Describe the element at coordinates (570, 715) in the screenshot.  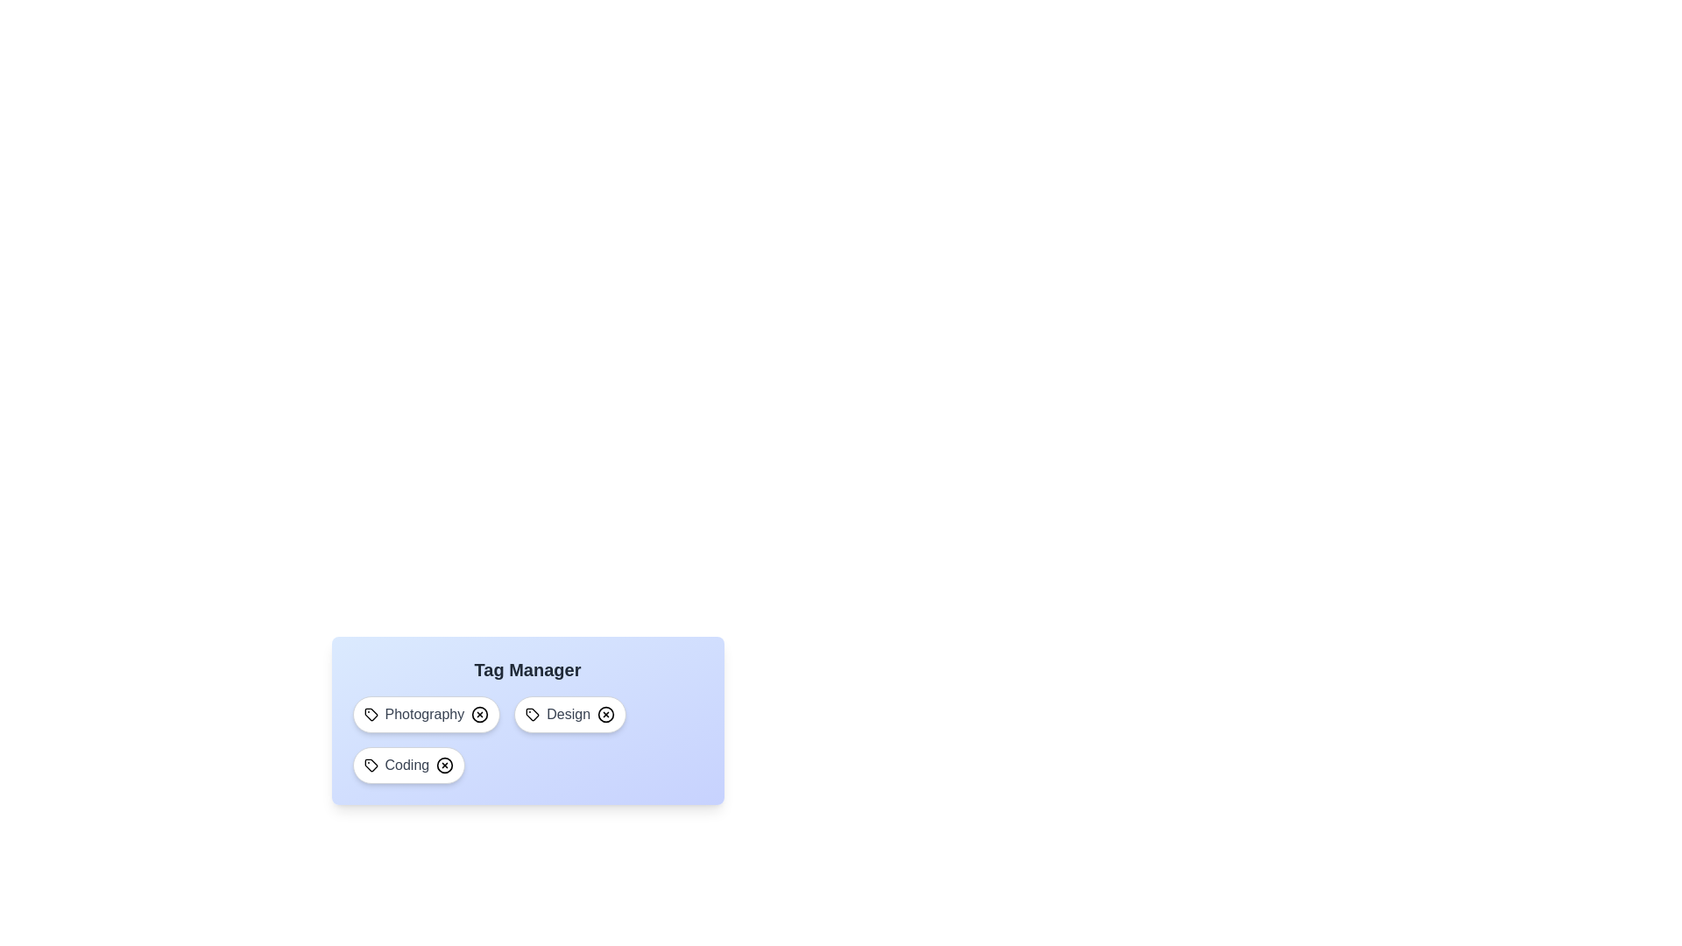
I see `the tag labeled Design` at that location.